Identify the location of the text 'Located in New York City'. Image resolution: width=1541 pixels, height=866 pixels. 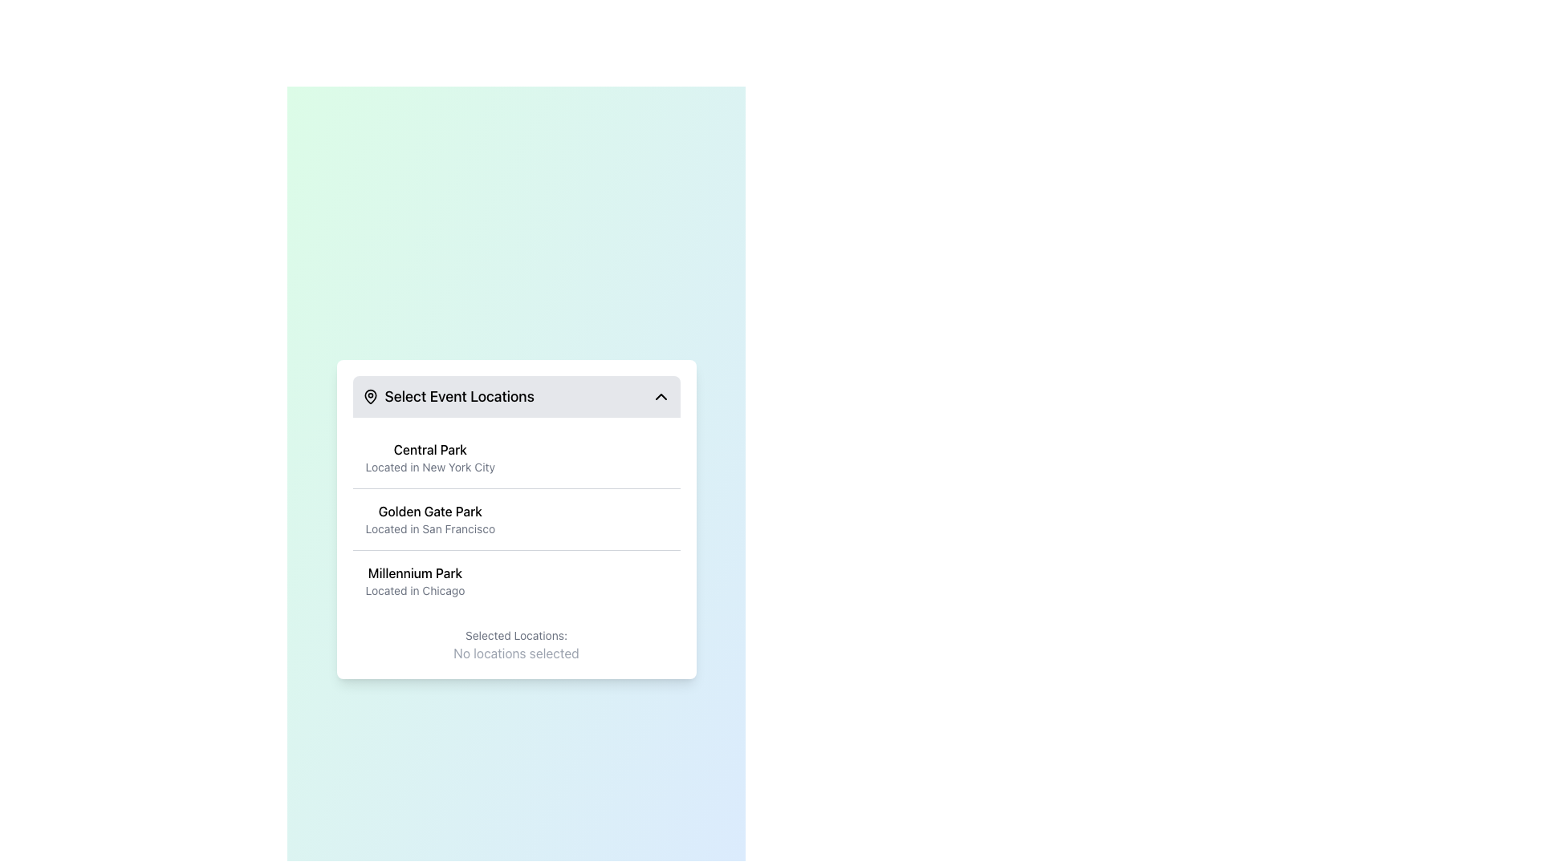
(430, 467).